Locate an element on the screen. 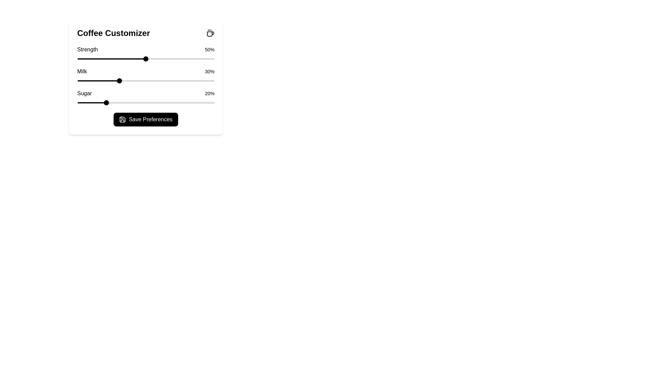 The width and height of the screenshot is (659, 370). the strength slider is located at coordinates (152, 59).